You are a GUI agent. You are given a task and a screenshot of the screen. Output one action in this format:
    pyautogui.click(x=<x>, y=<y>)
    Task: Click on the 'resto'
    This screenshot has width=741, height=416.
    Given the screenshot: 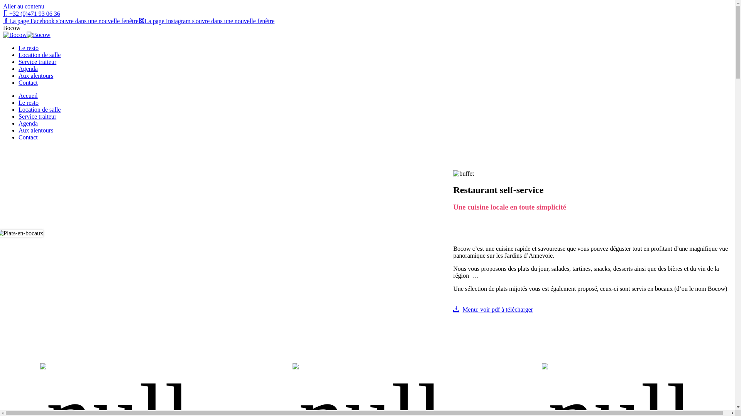 What is the action you would take?
    pyautogui.click(x=463, y=174)
    